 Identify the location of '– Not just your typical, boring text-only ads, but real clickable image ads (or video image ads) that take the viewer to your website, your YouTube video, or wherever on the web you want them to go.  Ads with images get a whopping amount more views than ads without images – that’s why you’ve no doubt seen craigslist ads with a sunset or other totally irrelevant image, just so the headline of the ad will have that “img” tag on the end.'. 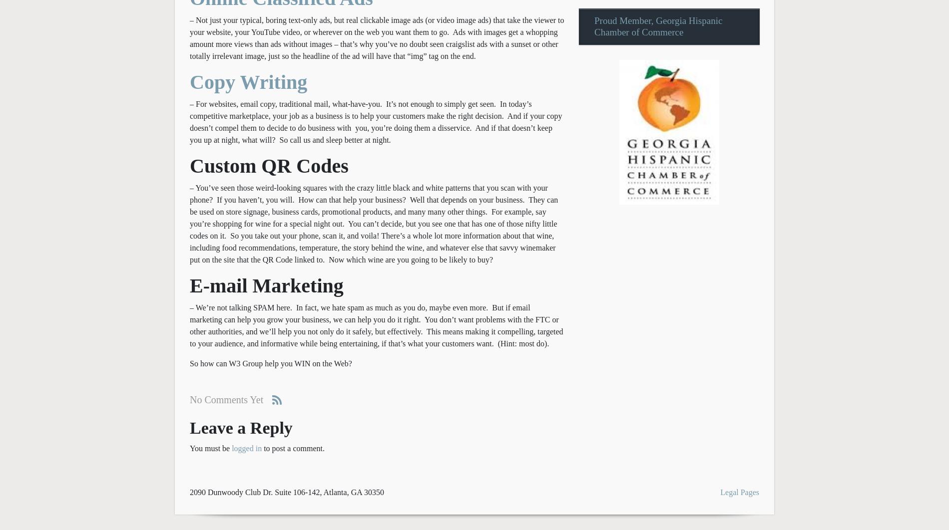
(189, 37).